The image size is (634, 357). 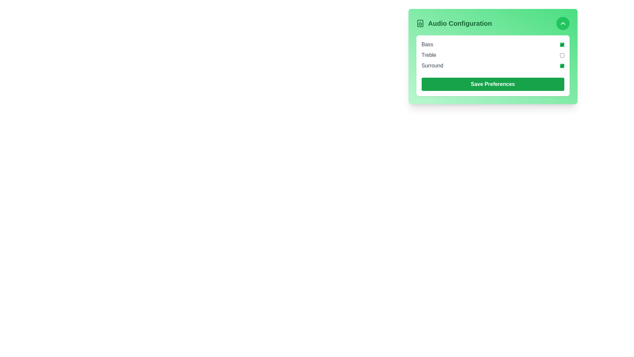 I want to click on the 'Bass' setting checkbox, so click(x=493, y=45).